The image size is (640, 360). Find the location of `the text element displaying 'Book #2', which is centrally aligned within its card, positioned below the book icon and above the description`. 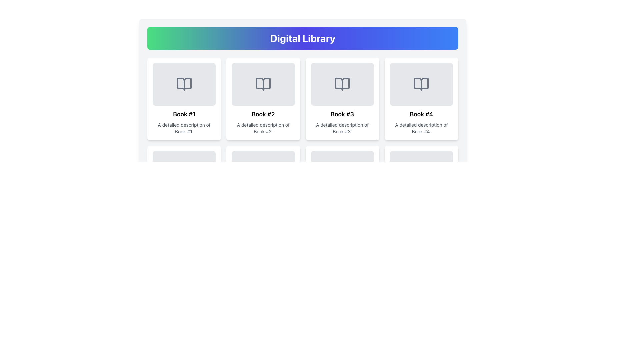

the text element displaying 'Book #2', which is centrally aligned within its card, positioned below the book icon and above the description is located at coordinates (263, 114).